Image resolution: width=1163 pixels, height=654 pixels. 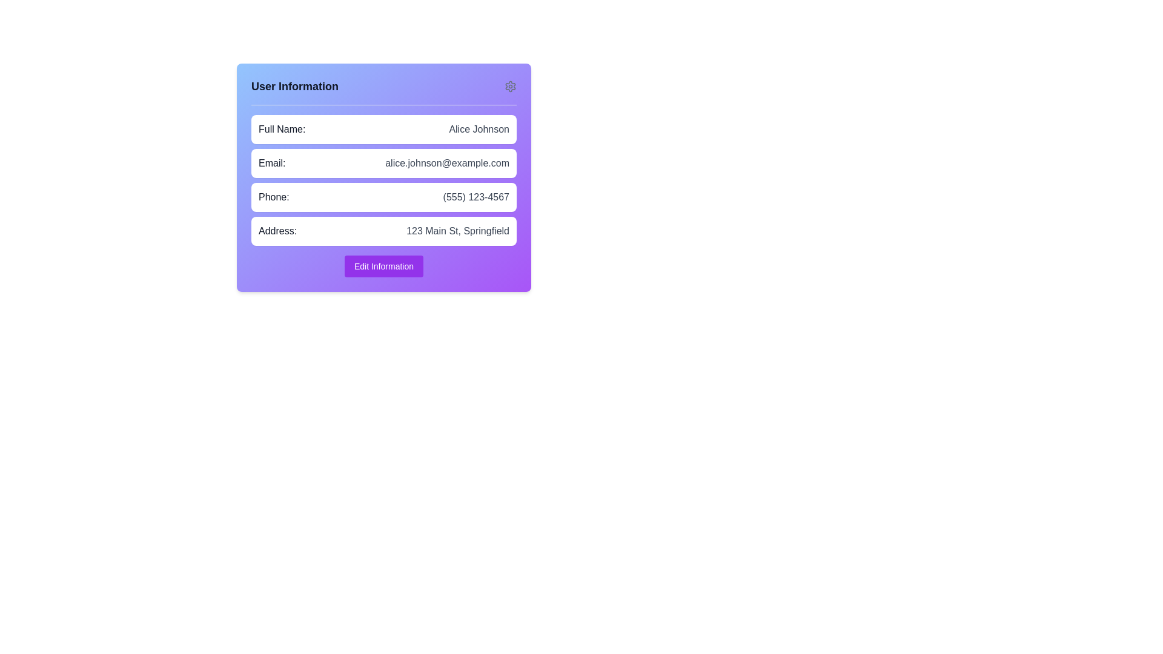 I want to click on the 'Edit Information' button, so click(x=383, y=265).